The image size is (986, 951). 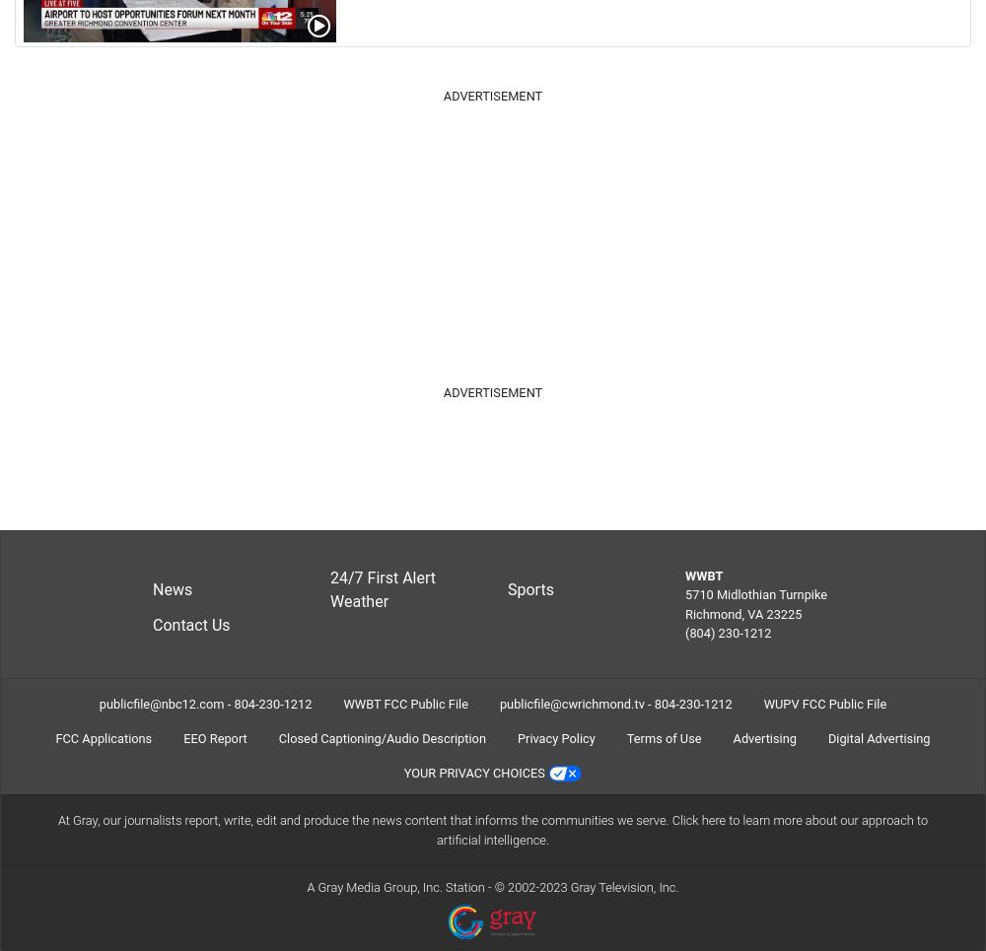 I want to click on 'FCC Applications', so click(x=55, y=737).